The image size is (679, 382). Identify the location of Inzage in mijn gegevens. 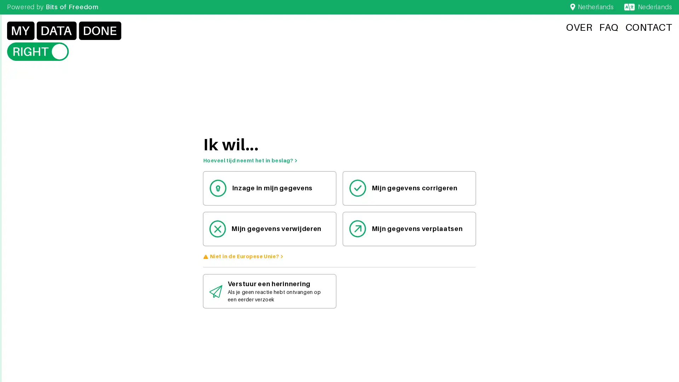
(269, 187).